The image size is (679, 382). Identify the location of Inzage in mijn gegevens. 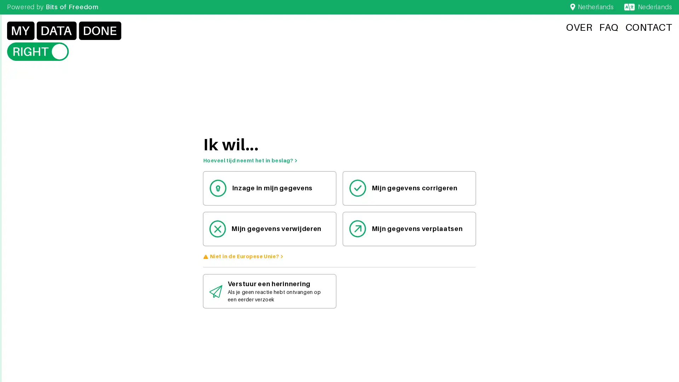
(269, 187).